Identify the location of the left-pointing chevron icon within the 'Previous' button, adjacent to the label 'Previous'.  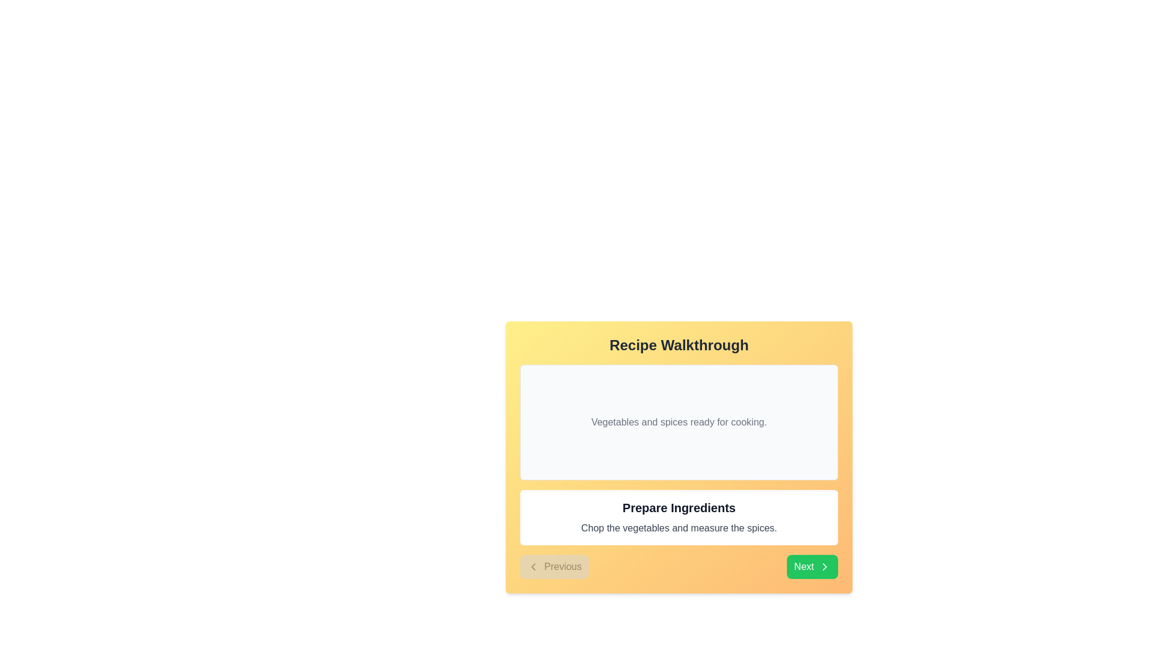
(533, 566).